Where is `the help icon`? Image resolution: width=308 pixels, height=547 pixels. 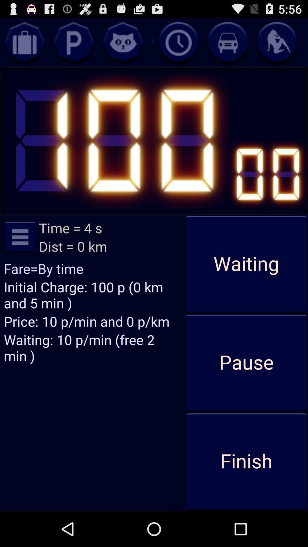 the help icon is located at coordinates (73, 45).